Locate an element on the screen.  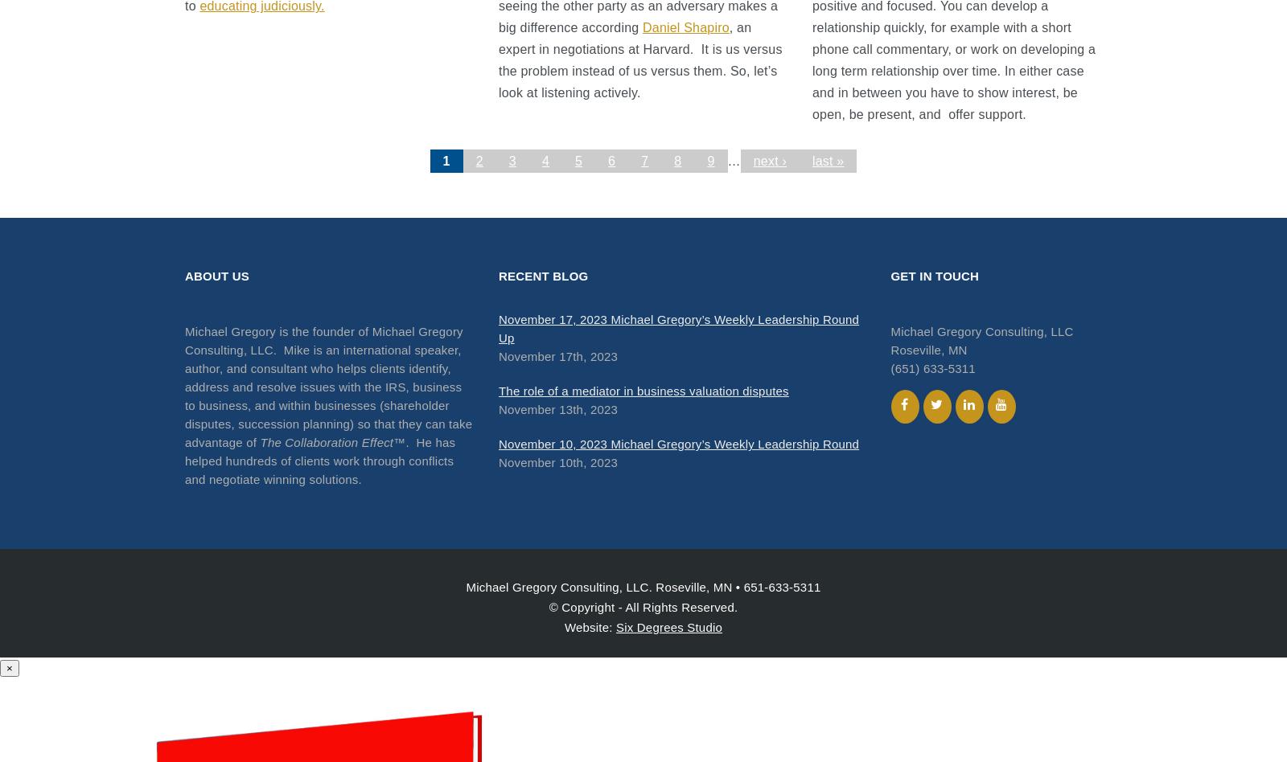
'3' is located at coordinates (512, 160).